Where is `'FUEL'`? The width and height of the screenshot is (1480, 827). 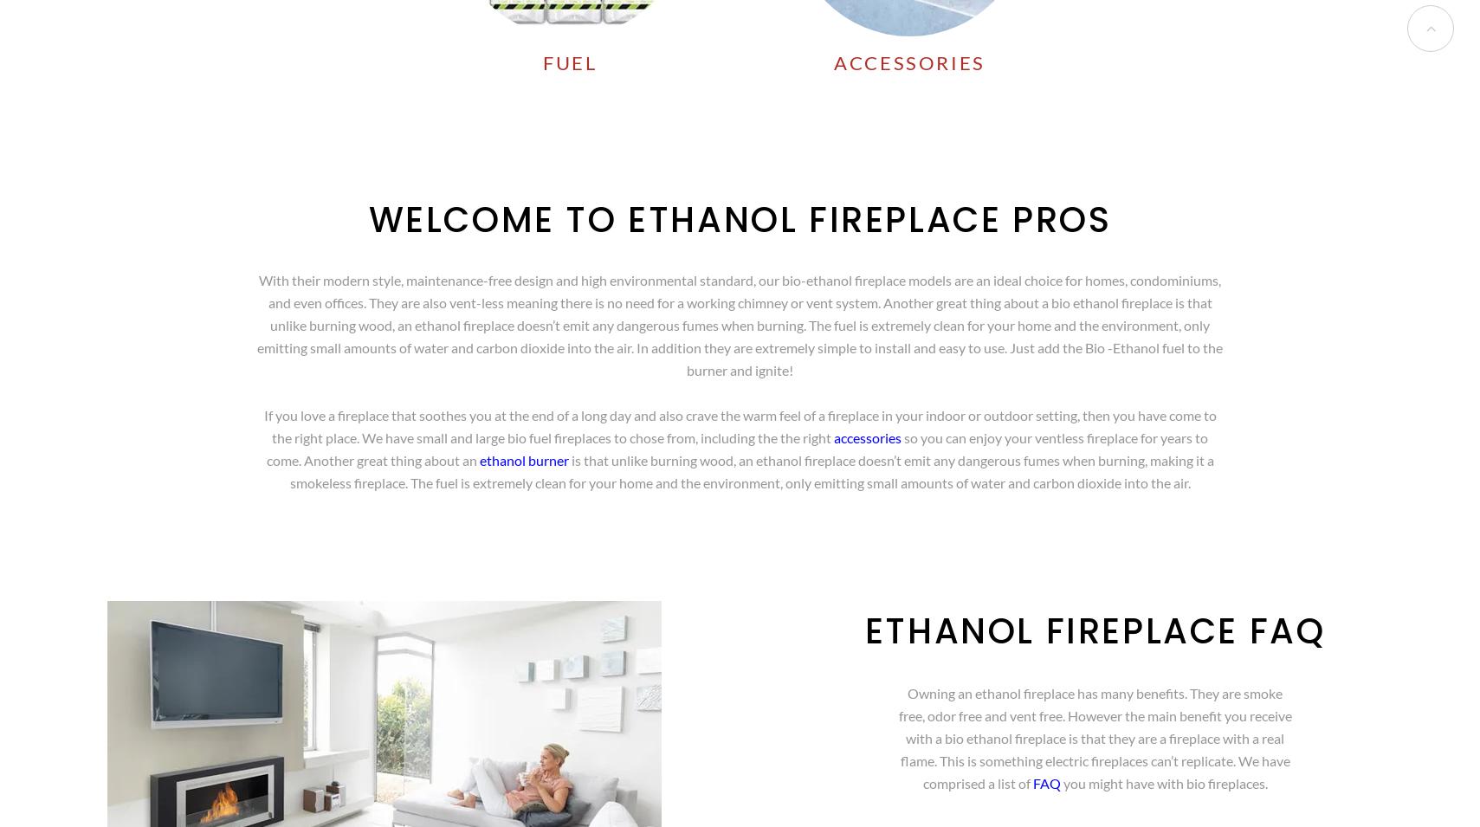
'FUEL' is located at coordinates (568, 61).